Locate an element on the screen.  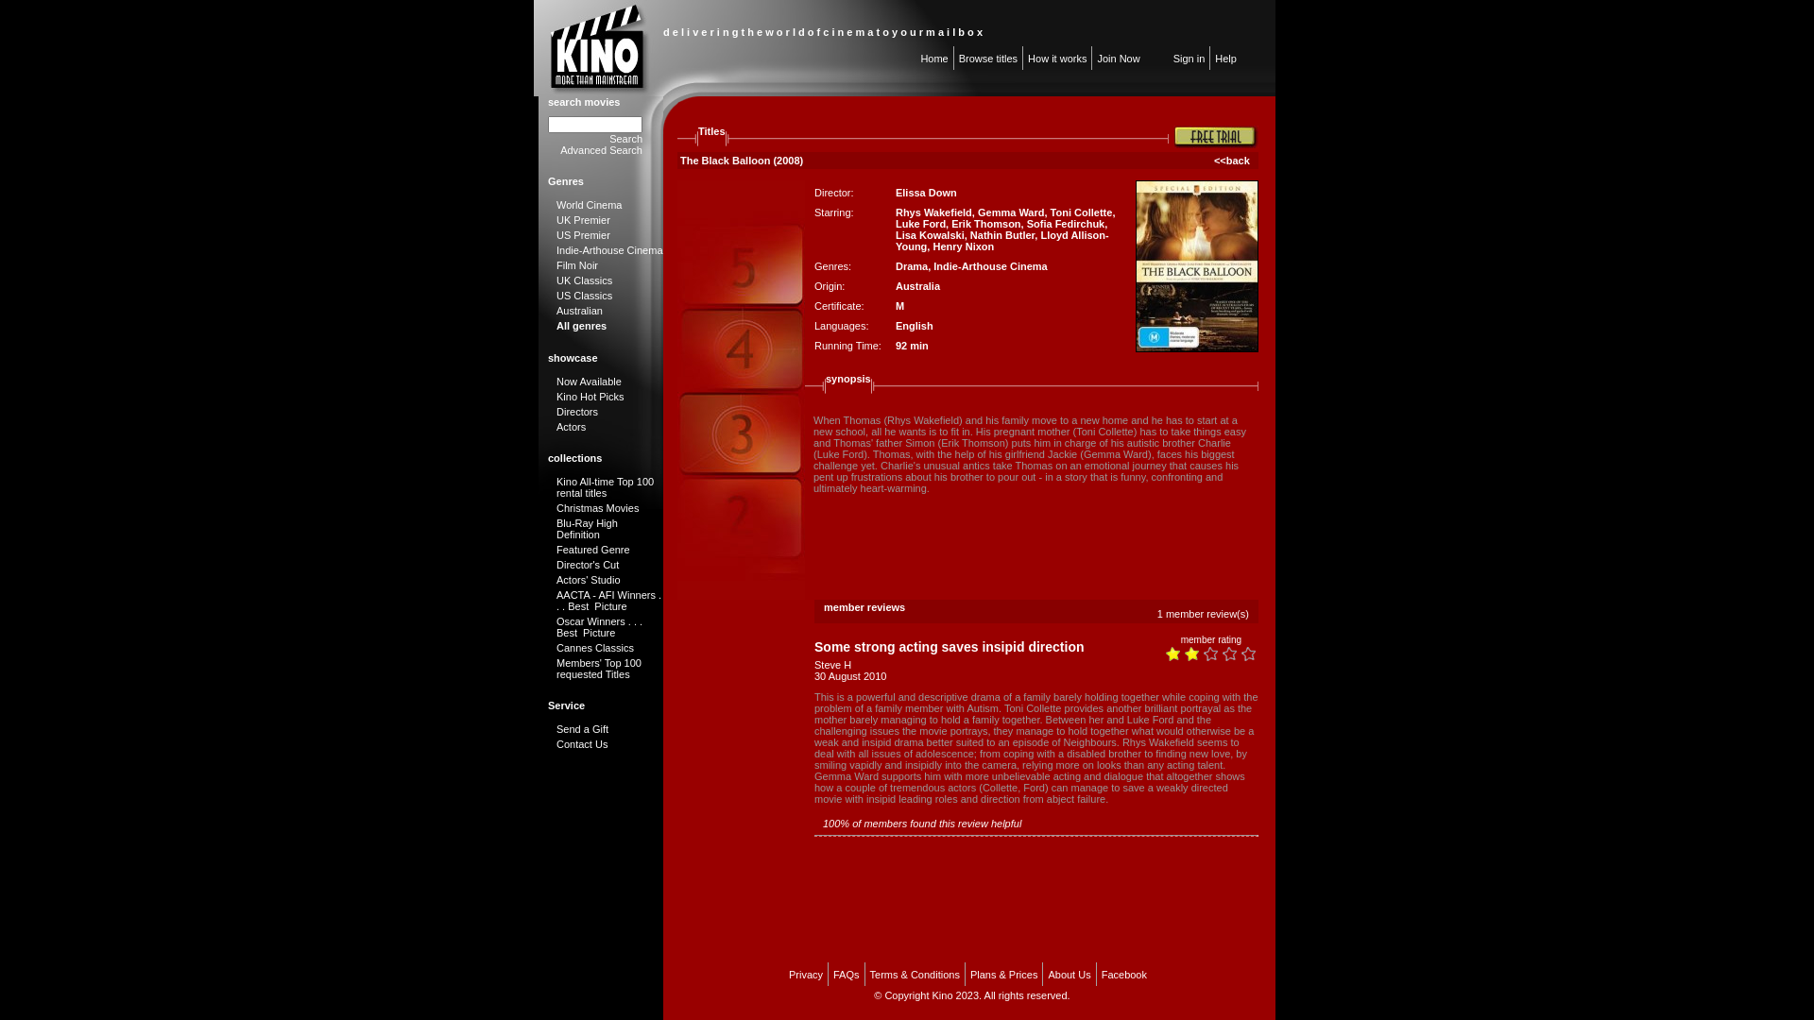
'Send a Gift' is located at coordinates (581, 727).